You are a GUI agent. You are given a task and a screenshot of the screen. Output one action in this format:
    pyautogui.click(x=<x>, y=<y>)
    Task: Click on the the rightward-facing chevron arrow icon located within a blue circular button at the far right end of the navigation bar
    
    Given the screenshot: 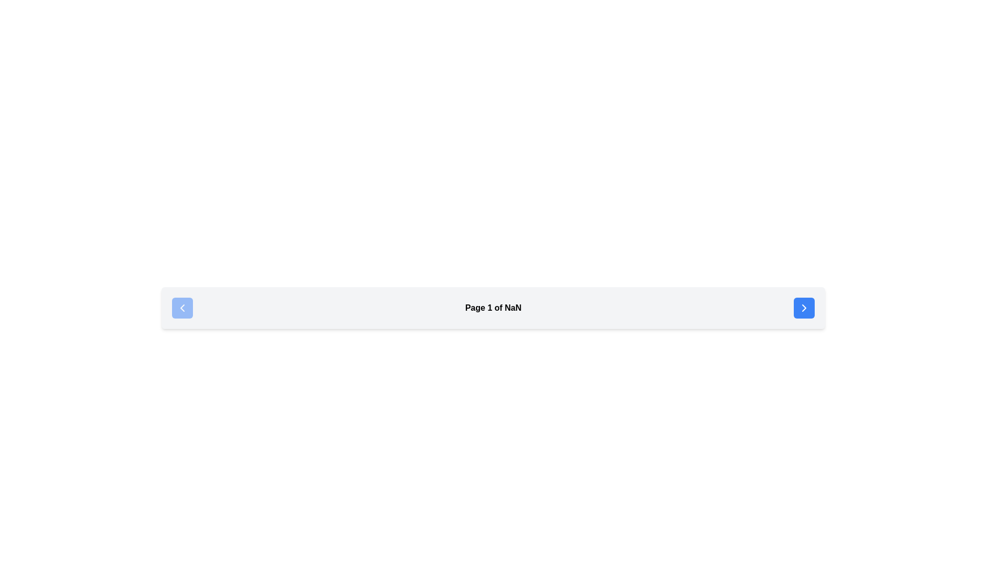 What is the action you would take?
    pyautogui.click(x=803, y=308)
    